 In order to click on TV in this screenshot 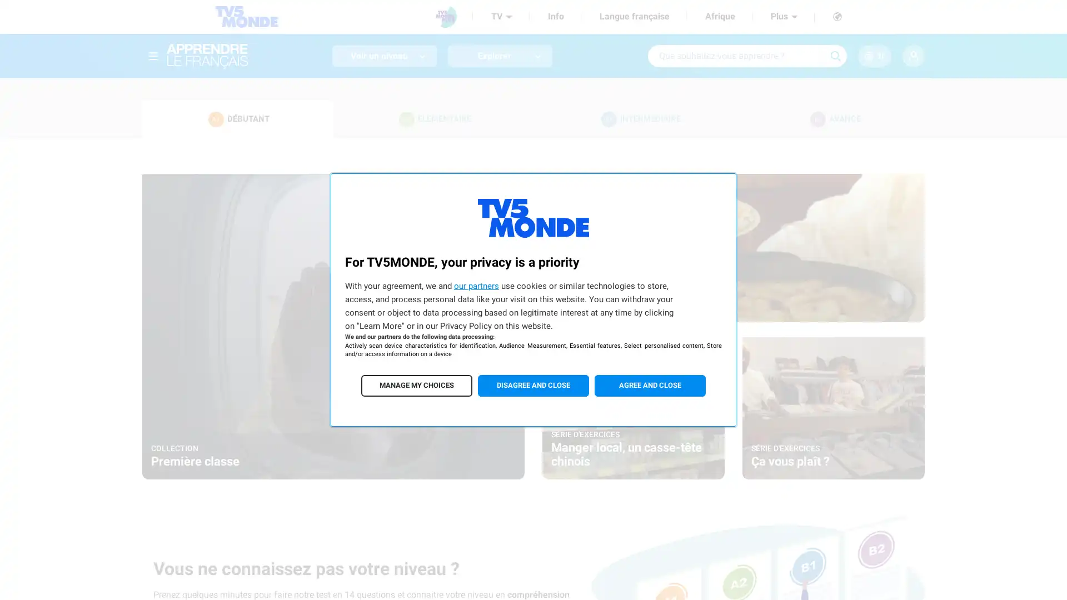, I will do `click(501, 16)`.